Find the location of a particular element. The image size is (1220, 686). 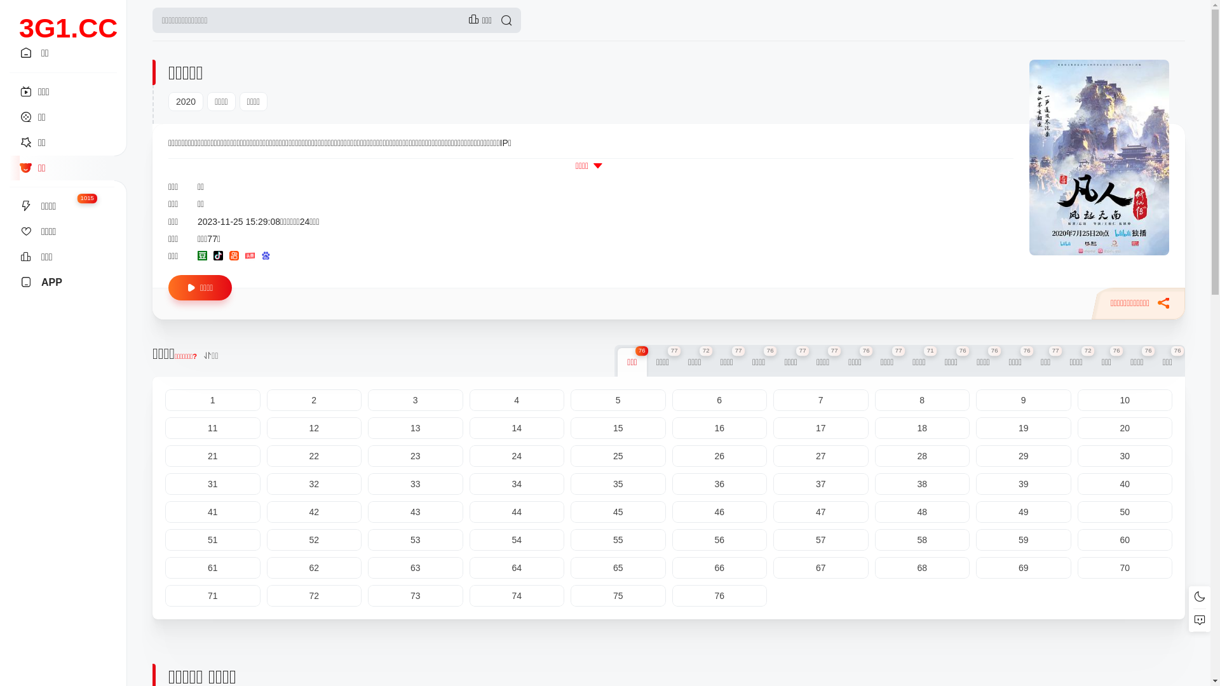

'20' is located at coordinates (1125, 428).